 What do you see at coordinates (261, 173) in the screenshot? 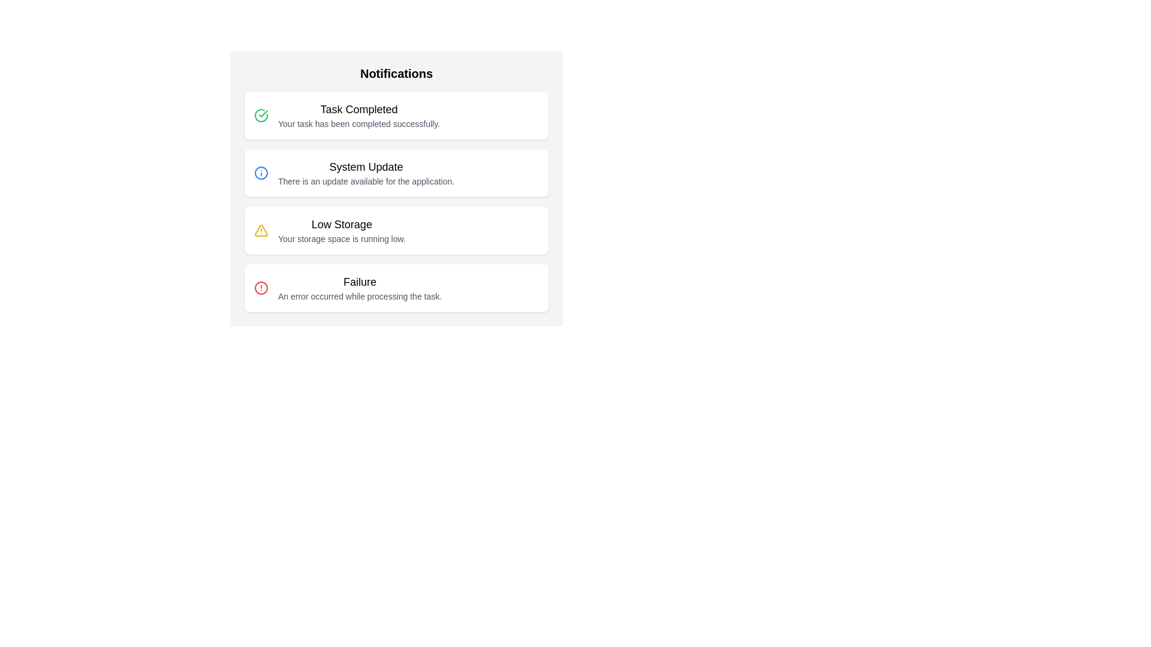
I see `the blue circular outline with a centered blue dot, which is part of the informational symbol icon located next to the 'System Update' notification` at bounding box center [261, 173].